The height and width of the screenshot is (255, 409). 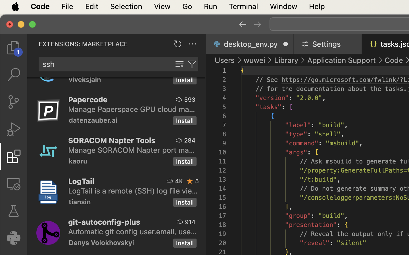 What do you see at coordinates (13, 102) in the screenshot?
I see `'0 '` at bounding box center [13, 102].